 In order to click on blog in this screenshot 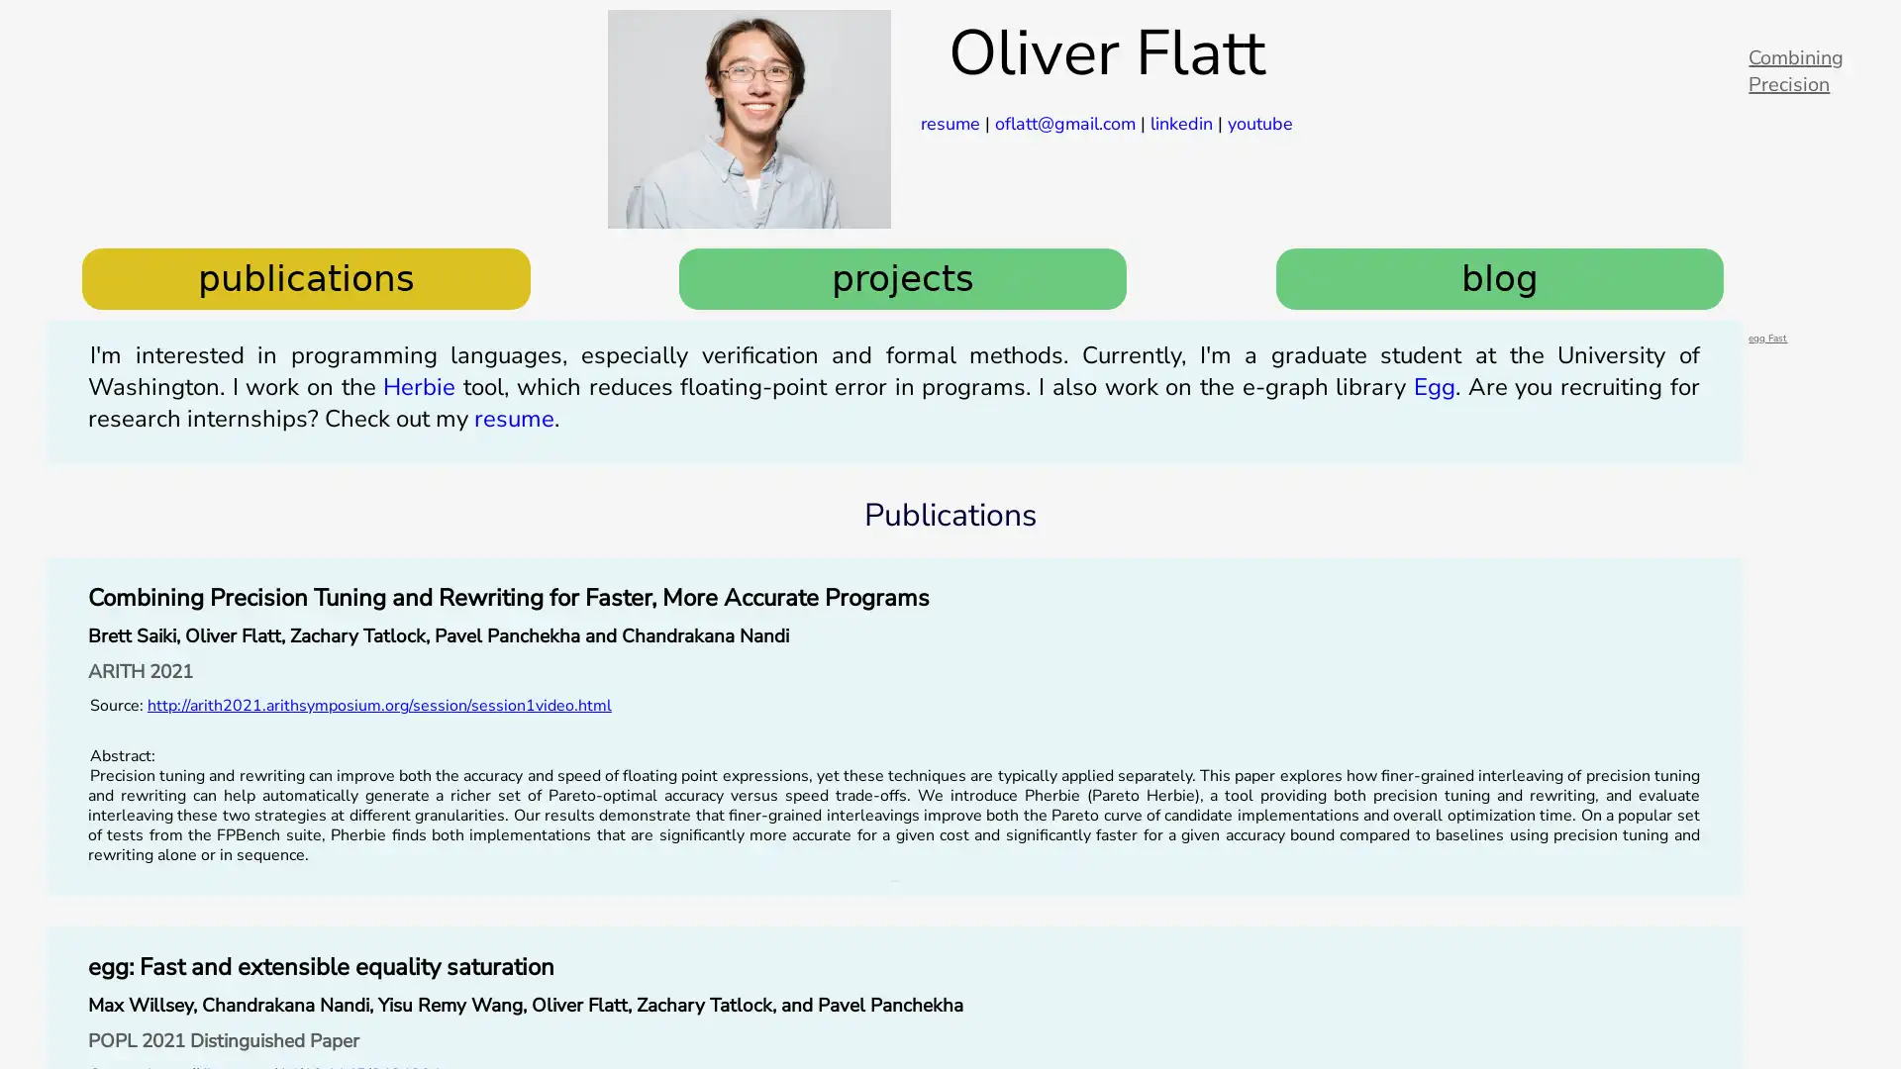, I will do `click(1500, 278)`.